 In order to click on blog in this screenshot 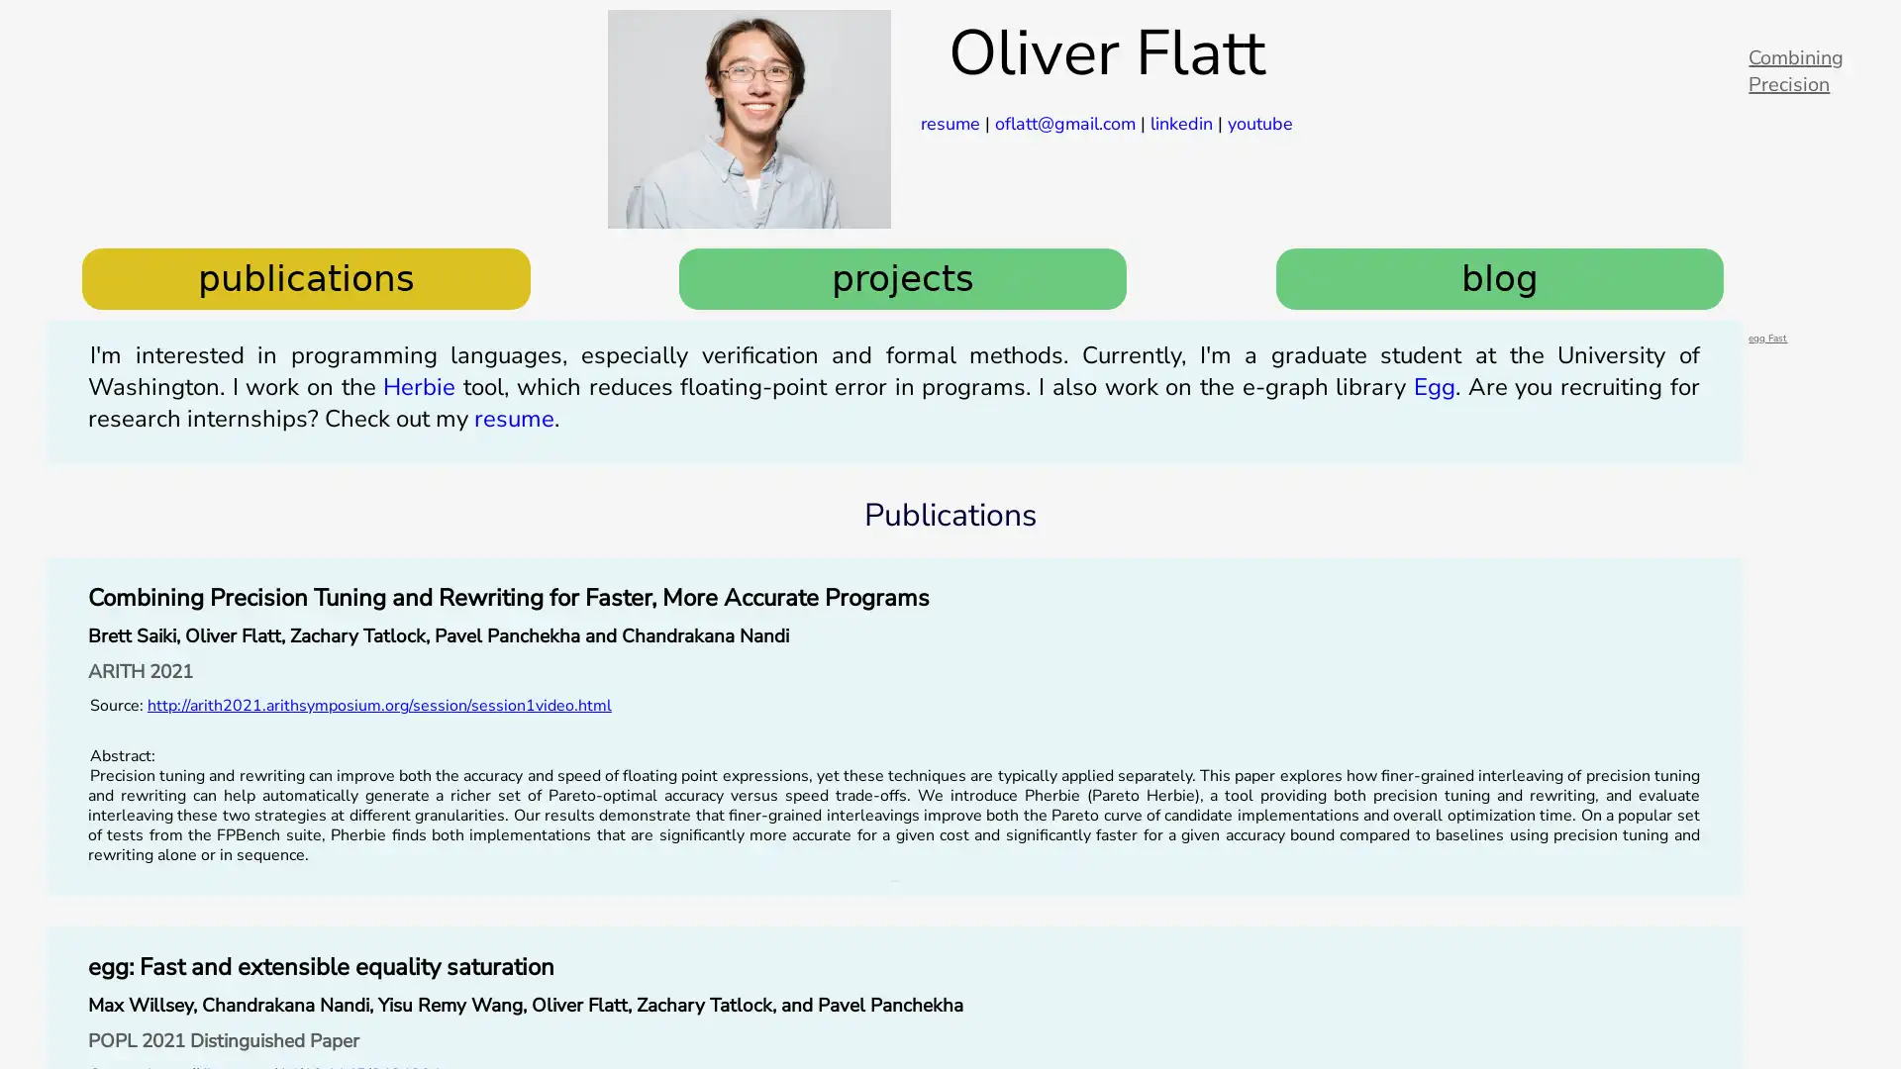, I will do `click(1500, 278)`.